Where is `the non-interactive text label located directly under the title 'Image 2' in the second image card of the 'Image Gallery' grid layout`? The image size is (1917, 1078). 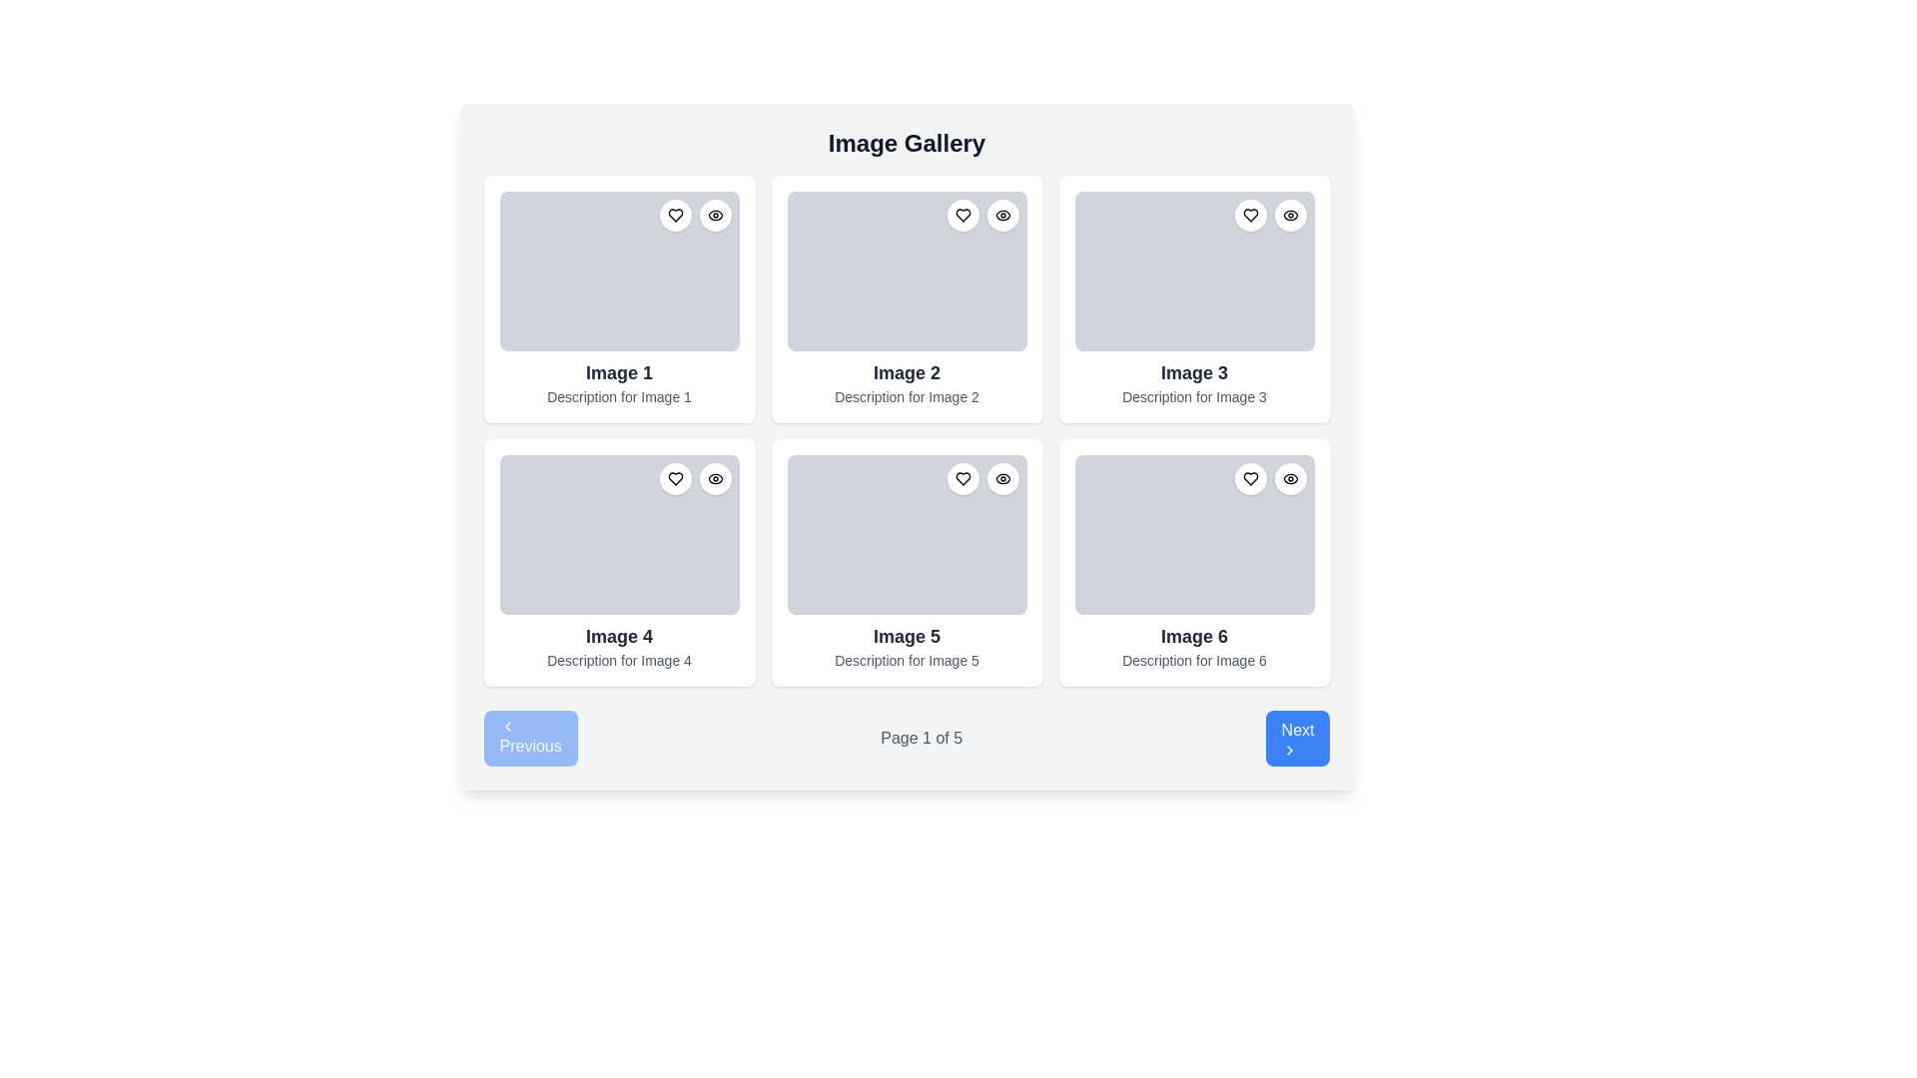
the non-interactive text label located directly under the title 'Image 2' in the second image card of the 'Image Gallery' grid layout is located at coordinates (906, 396).